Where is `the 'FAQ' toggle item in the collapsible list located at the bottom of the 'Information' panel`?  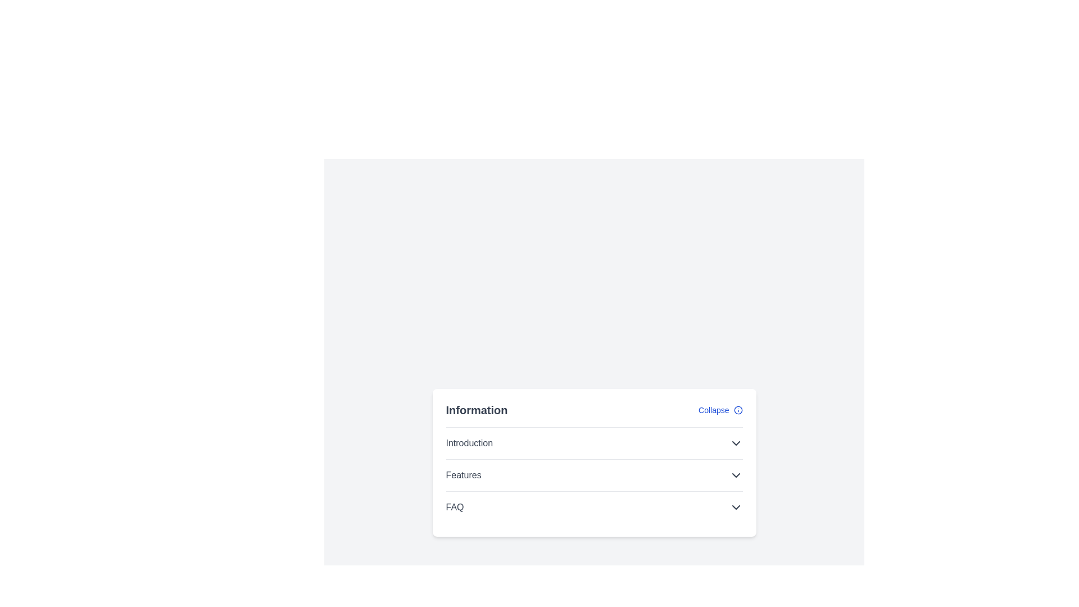
the 'FAQ' toggle item in the collapsible list located at the bottom of the 'Information' panel is located at coordinates (593, 507).